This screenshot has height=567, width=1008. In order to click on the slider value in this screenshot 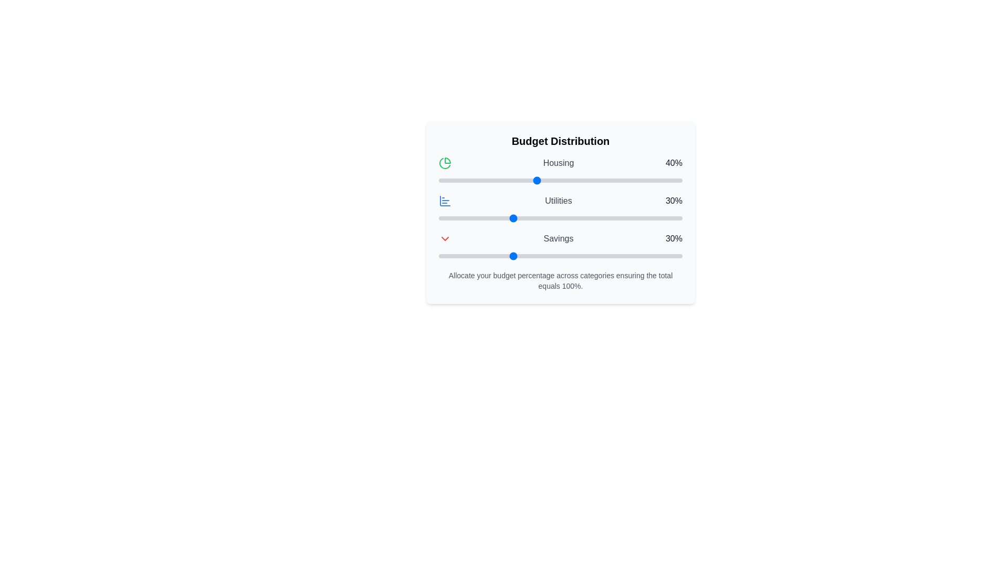, I will do `click(505, 218)`.